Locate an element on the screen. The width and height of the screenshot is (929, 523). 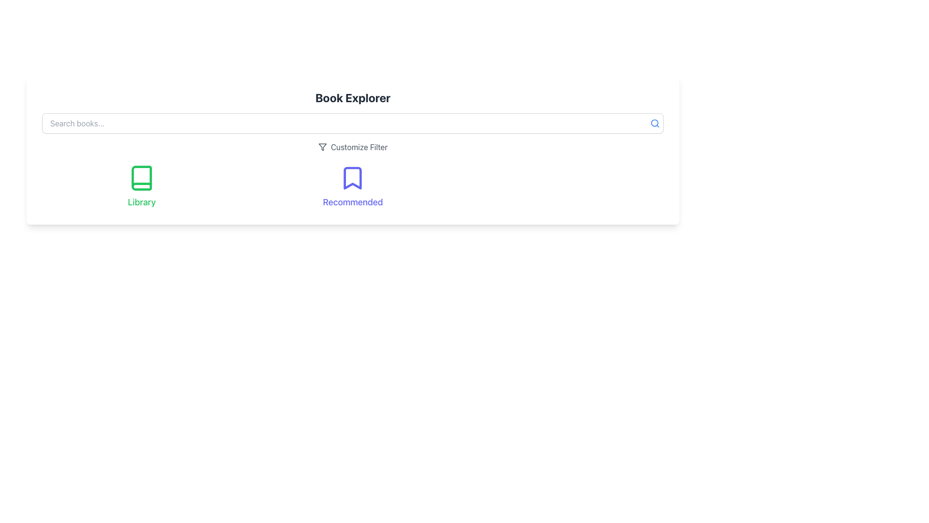
the bold, large text label reading 'Book Explorer' located at the top center of the interface, directly above the search bar is located at coordinates (352, 97).